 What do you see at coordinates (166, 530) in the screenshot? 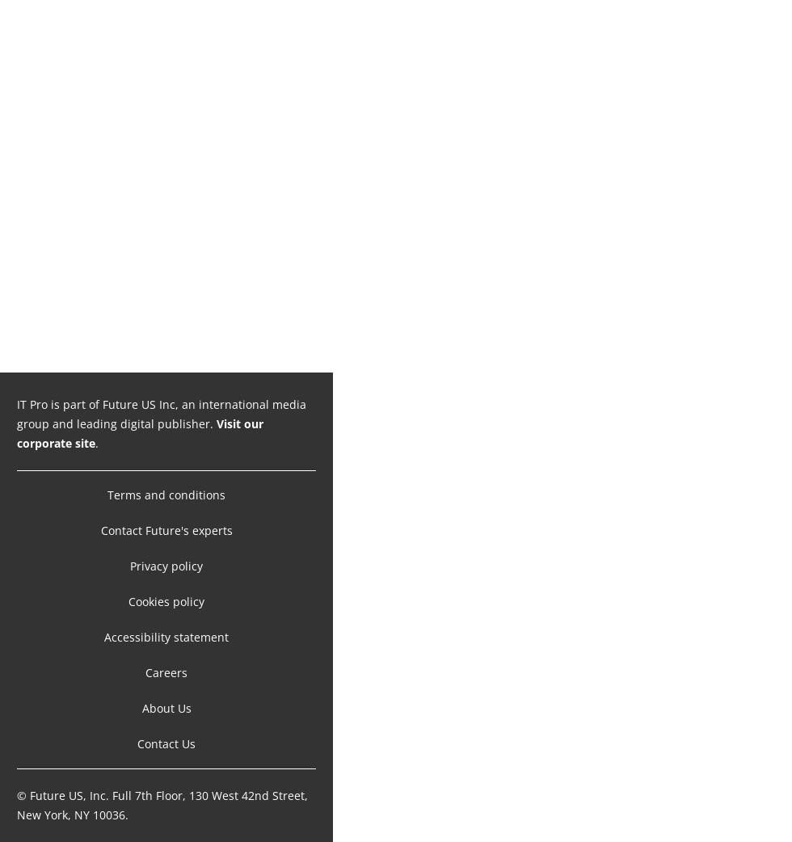
I see `'Contact Future's experts'` at bounding box center [166, 530].